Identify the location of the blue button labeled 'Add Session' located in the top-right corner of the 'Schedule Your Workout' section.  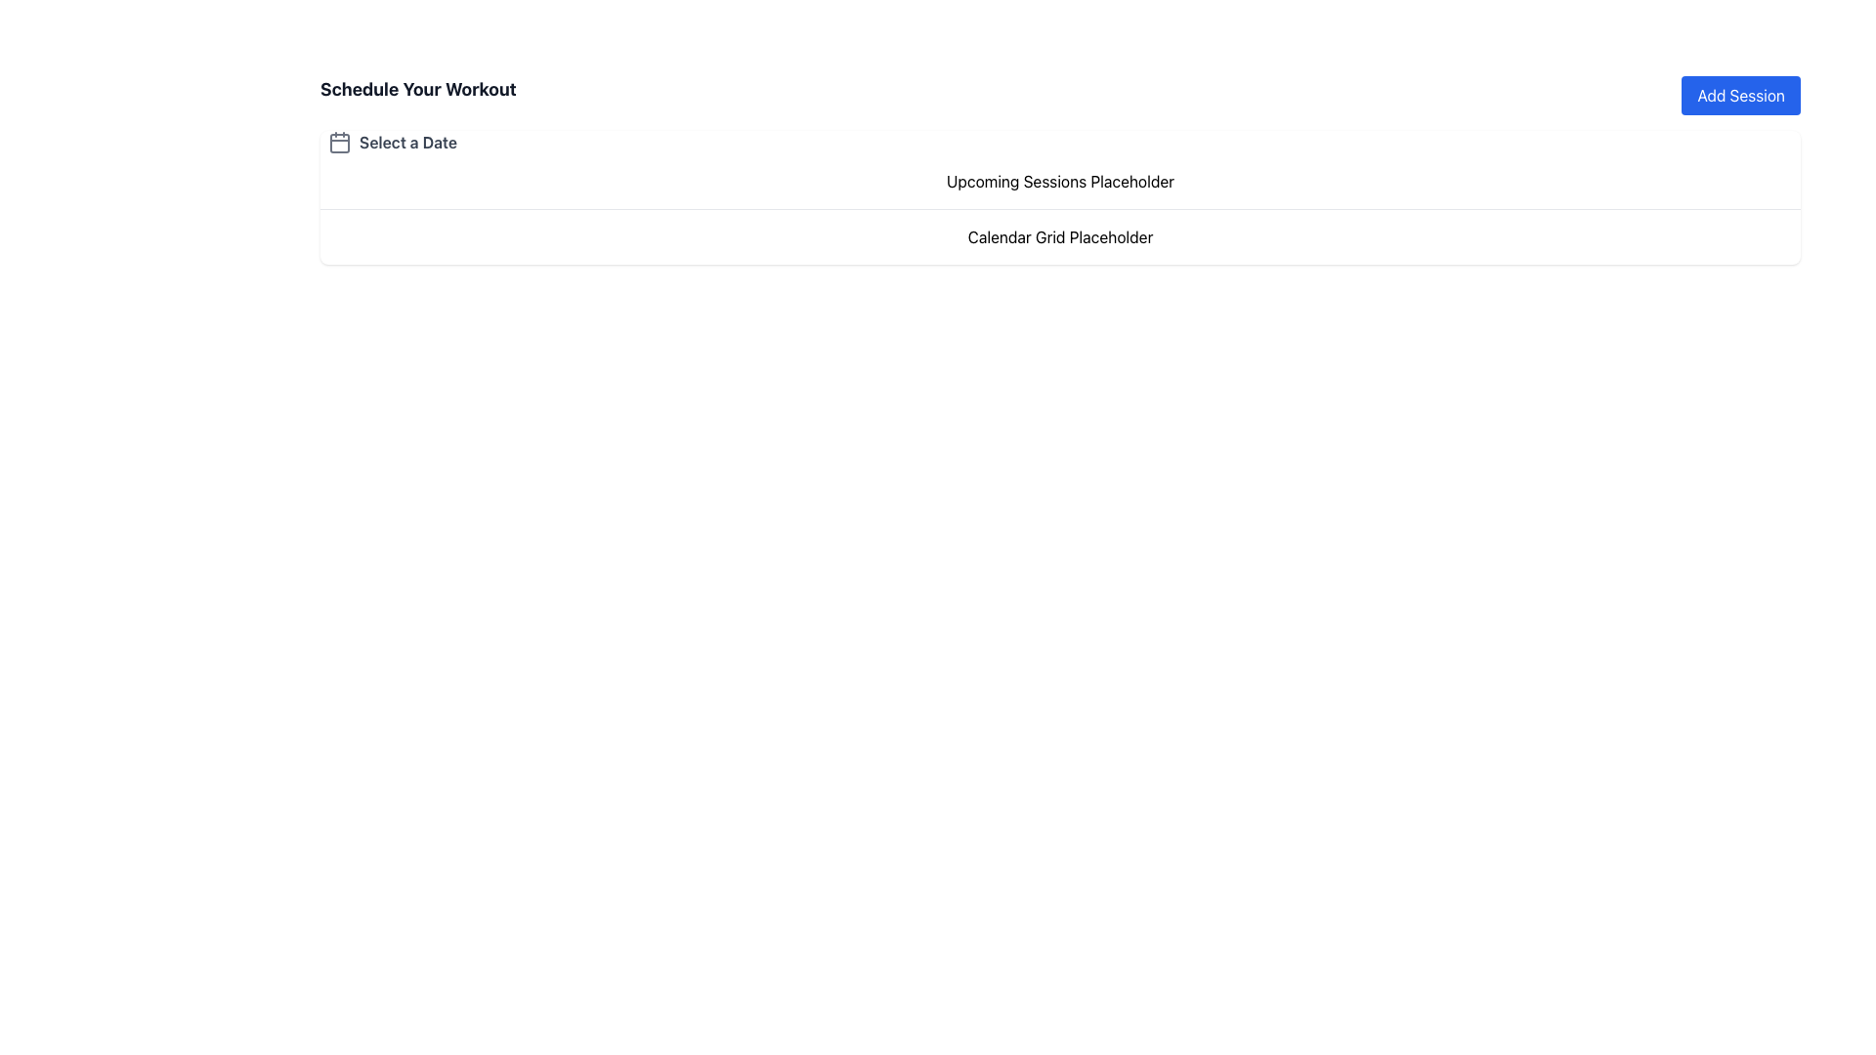
(1741, 95).